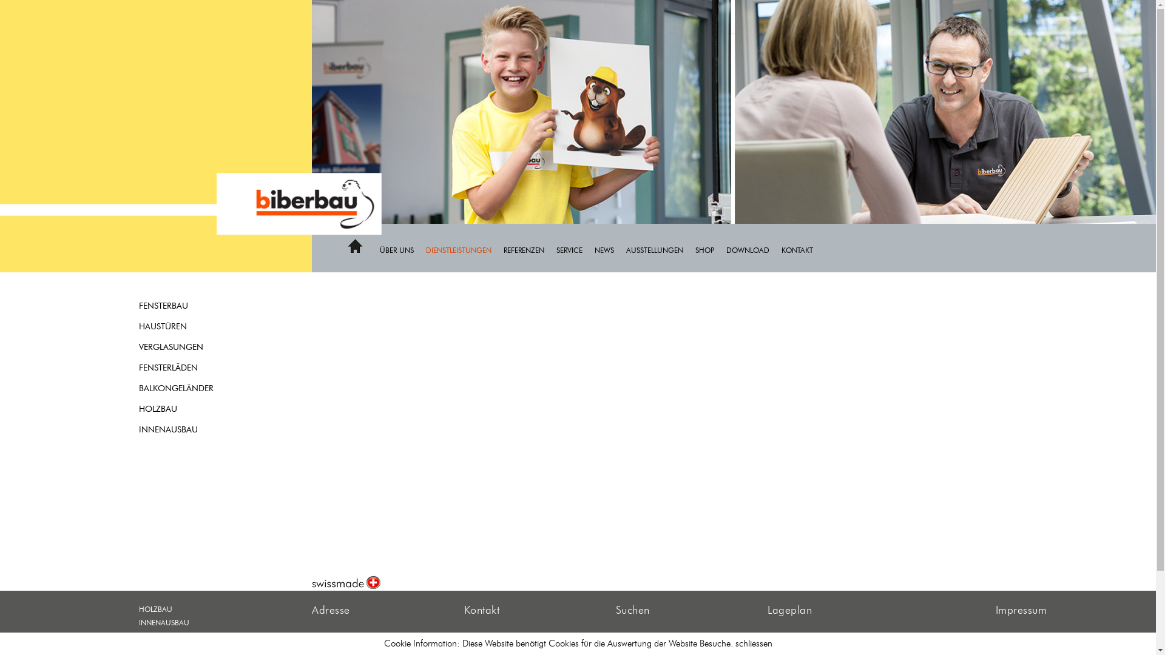  What do you see at coordinates (1021, 610) in the screenshot?
I see `'Impressum'` at bounding box center [1021, 610].